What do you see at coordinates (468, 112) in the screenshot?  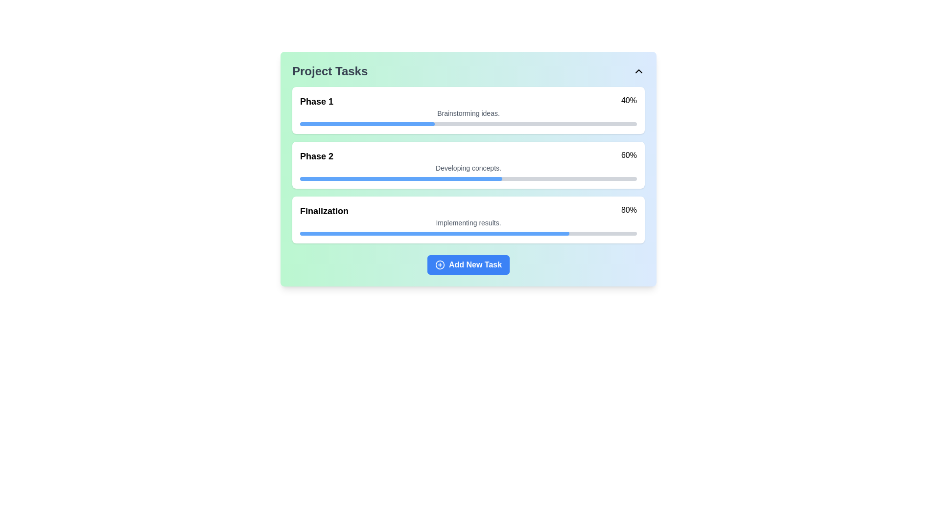 I see `text information displayed in smaller gray font saying 'Brainstorming ideas.' located below the 'Phase 1' title and above the progress bar within the task phase card` at bounding box center [468, 112].